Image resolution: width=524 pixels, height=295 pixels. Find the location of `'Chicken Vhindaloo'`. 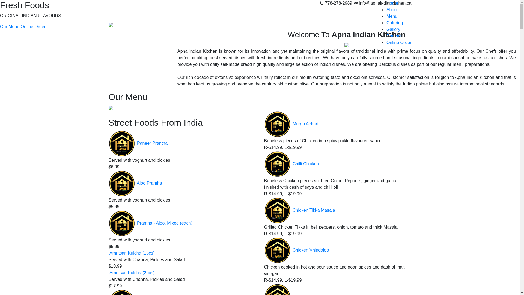

'Chicken Vhindaloo' is located at coordinates (311, 250).